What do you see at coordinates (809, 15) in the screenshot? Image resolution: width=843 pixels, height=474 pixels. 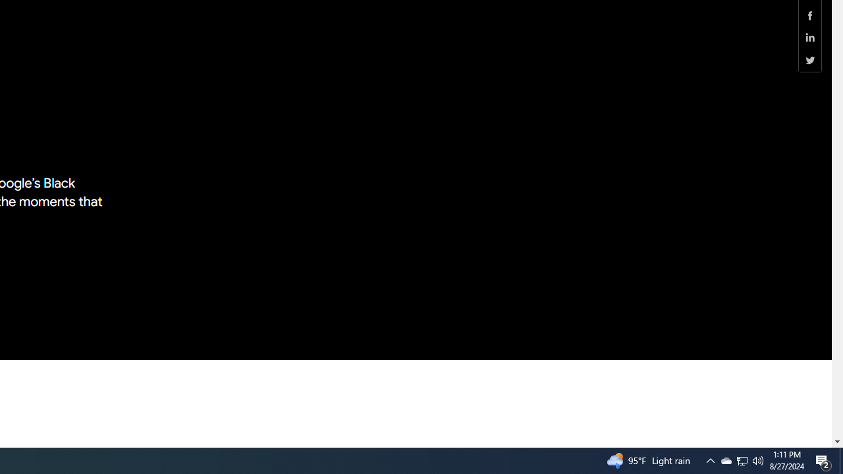 I see `'Share this page (Facebook)'` at bounding box center [809, 15].